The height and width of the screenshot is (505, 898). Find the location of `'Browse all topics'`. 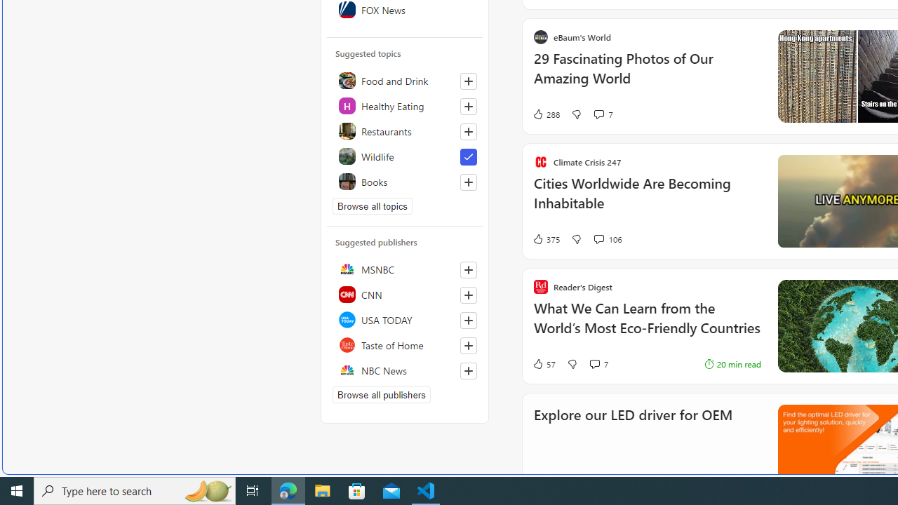

'Browse all topics' is located at coordinates (373, 206).